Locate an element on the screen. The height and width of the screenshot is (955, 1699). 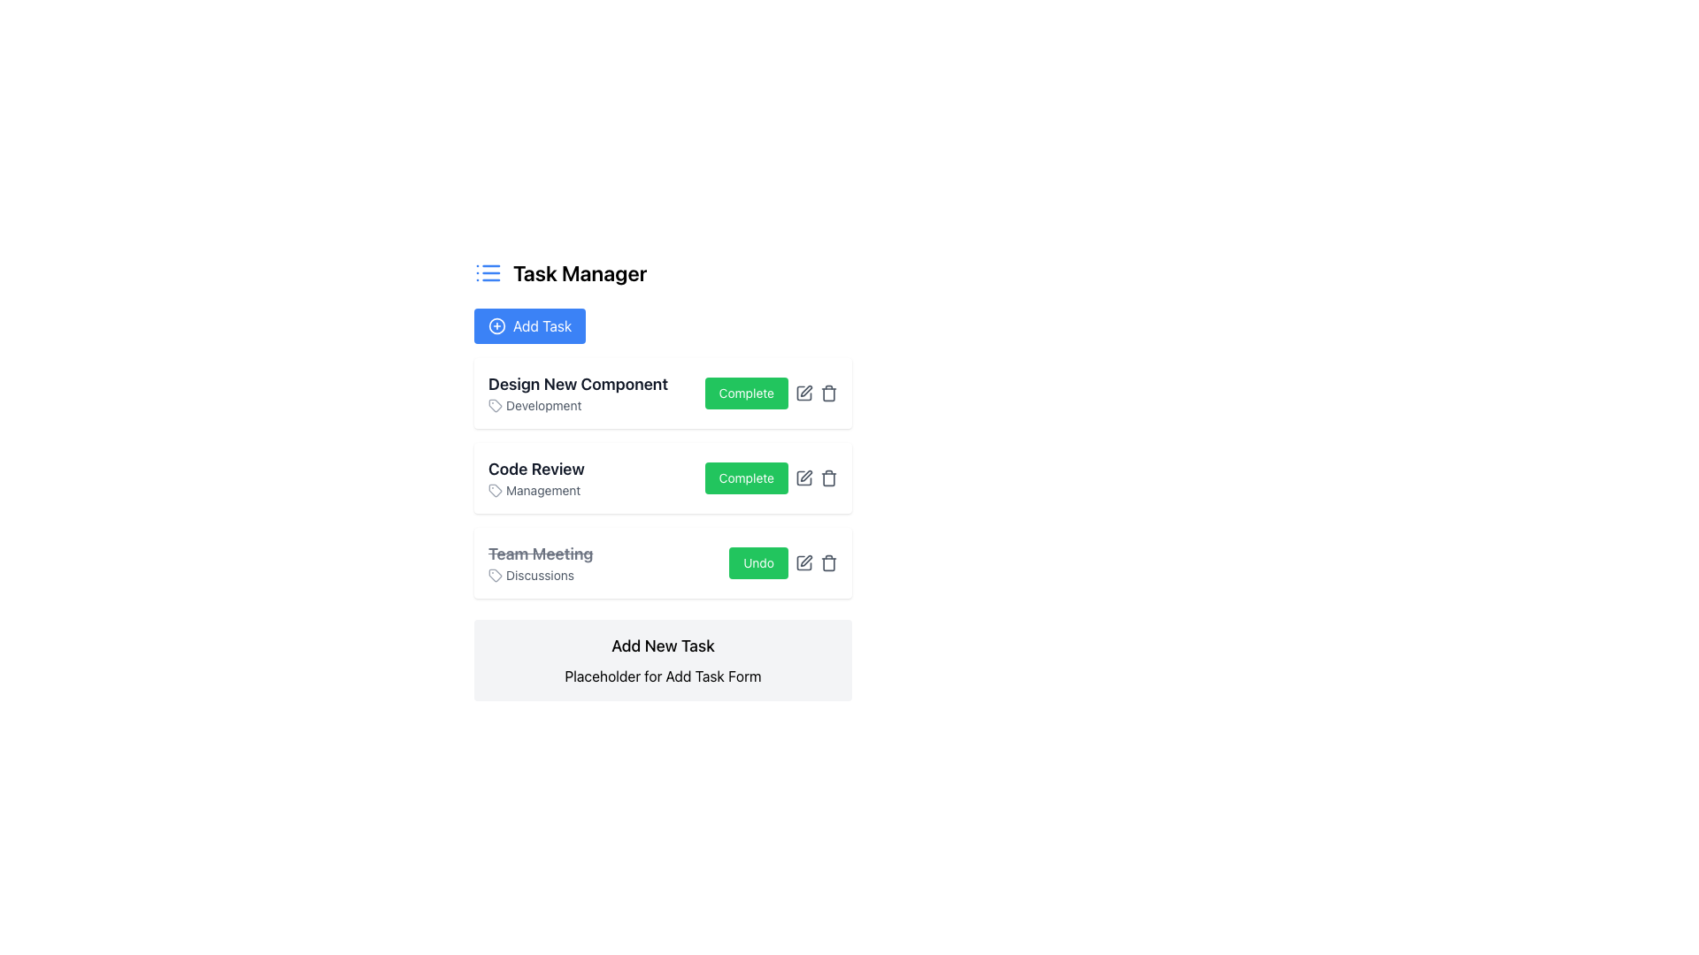
the button next to the 'Code Review' task to mark it as complete is located at coordinates (771, 477).